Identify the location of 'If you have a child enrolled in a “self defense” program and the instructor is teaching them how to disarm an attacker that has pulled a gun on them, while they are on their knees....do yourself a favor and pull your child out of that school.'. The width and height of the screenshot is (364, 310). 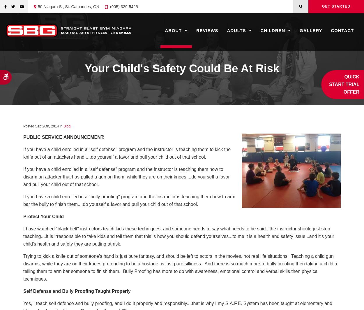
(126, 176).